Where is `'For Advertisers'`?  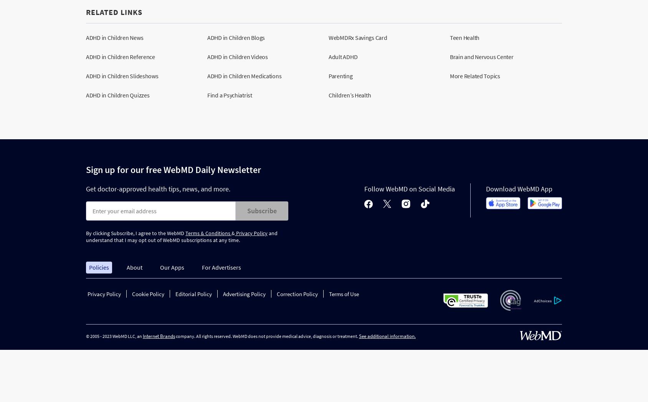 'For Advertisers' is located at coordinates (201, 267).